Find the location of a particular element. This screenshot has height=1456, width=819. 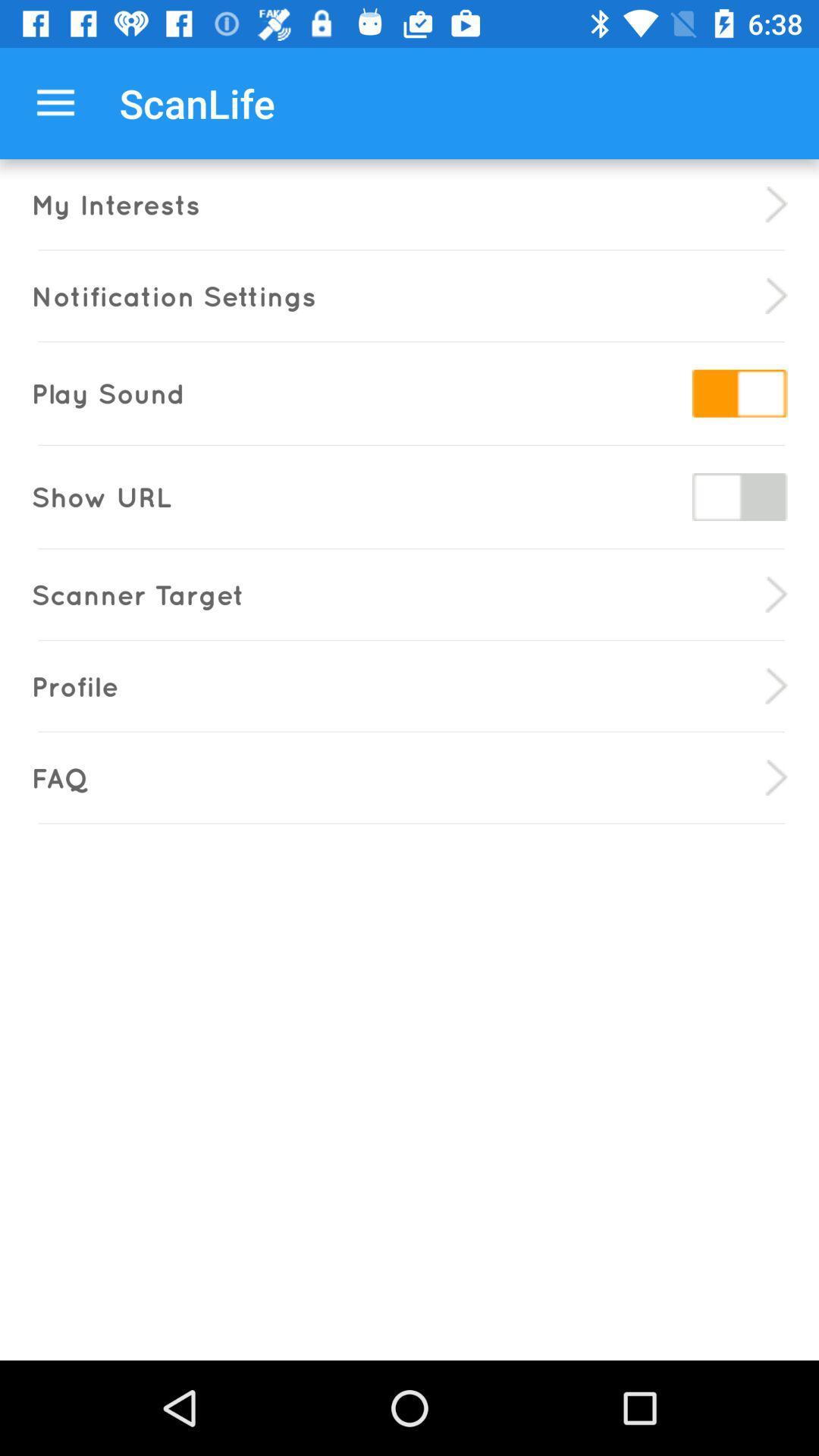

show url is located at coordinates (739, 497).